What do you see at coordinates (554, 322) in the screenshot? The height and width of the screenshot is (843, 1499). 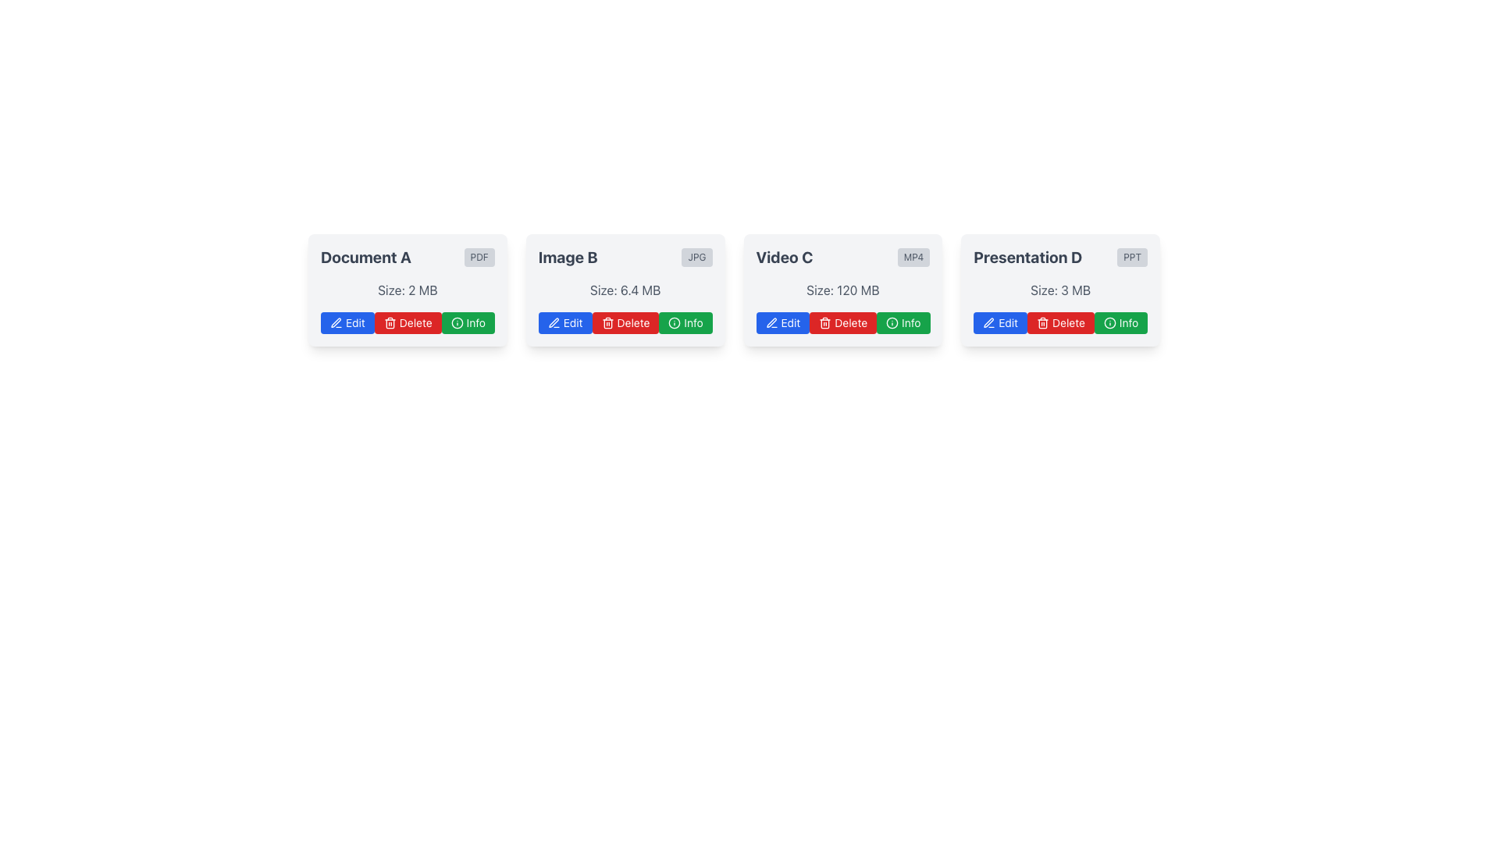 I see `the editing icon button (pen icon) located in the lower section of the 'Image B' card component` at bounding box center [554, 322].